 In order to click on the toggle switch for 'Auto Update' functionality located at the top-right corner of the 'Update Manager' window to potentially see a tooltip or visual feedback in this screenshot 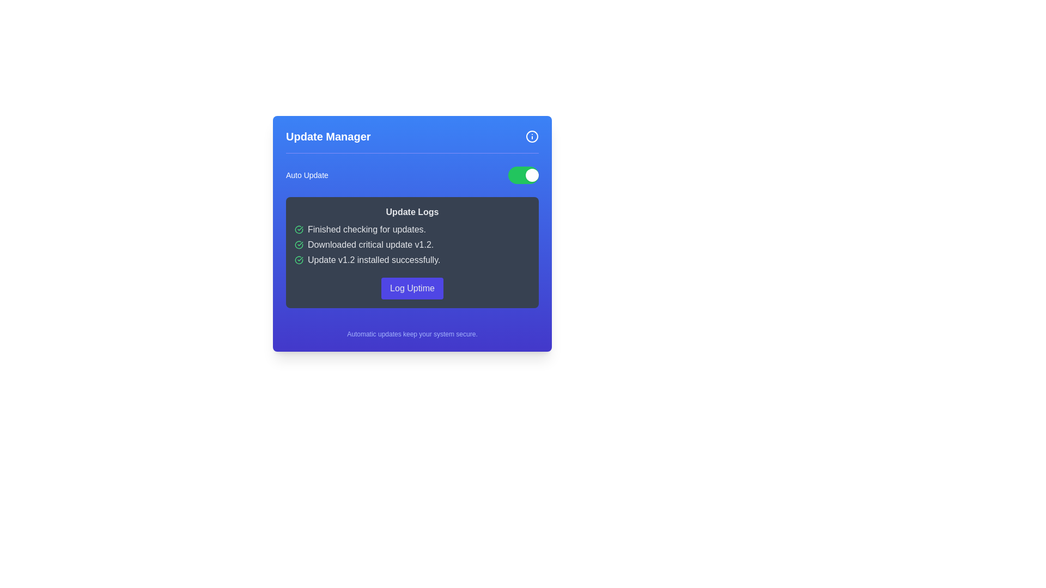, I will do `click(523, 174)`.